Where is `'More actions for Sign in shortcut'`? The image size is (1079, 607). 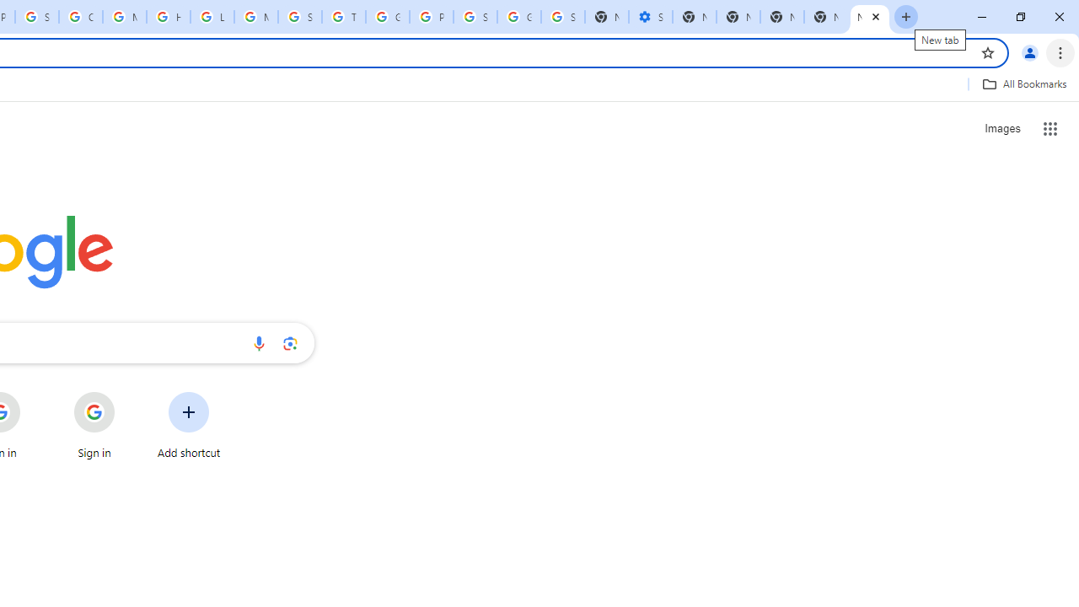 'More actions for Sign in shortcut' is located at coordinates (127, 393).